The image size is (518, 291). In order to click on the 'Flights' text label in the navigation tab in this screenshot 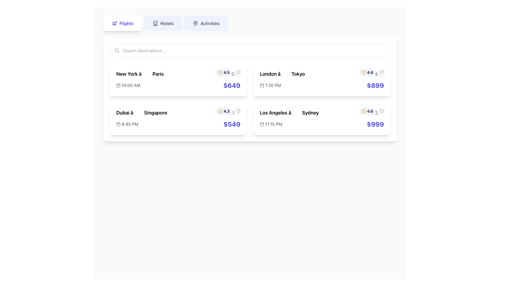, I will do `click(126, 23)`.